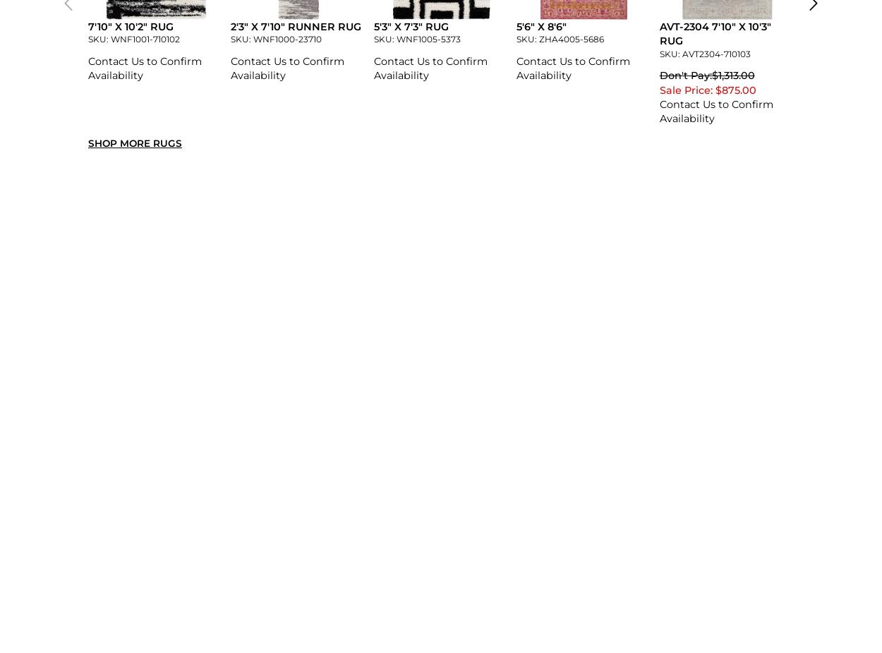  What do you see at coordinates (255, 324) in the screenshot?
I see `'Imported'` at bounding box center [255, 324].